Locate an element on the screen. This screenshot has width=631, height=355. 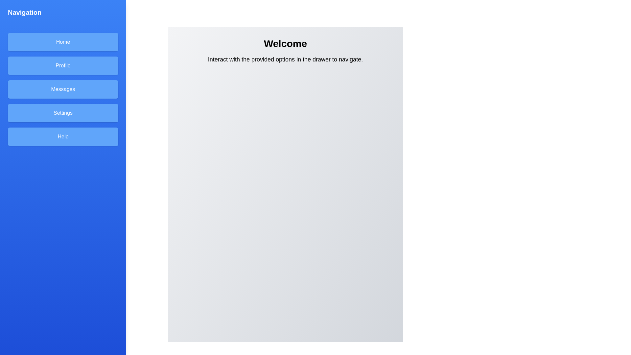
floating button located at the top-left corner of the screen to toggle the drawer is located at coordinates (17, 17).